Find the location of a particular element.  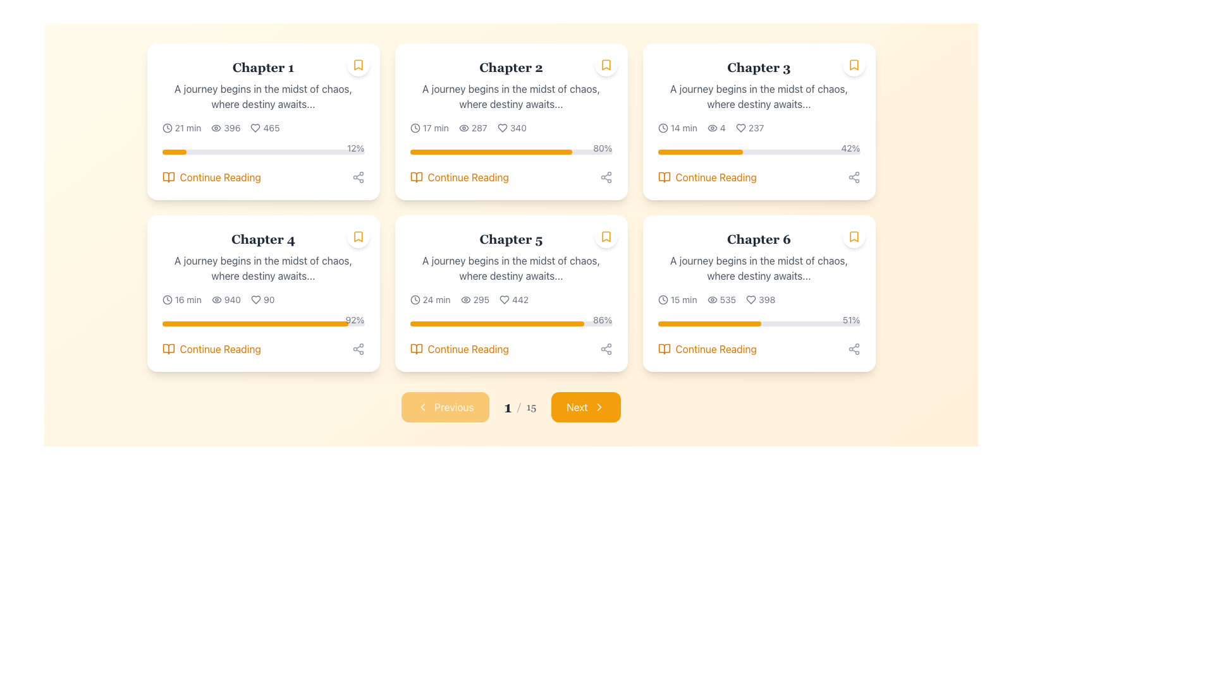

the numeric text '15' styled in gray font, which is part of the pagination display located at the bottom center of the webpage is located at coordinates (531, 407).